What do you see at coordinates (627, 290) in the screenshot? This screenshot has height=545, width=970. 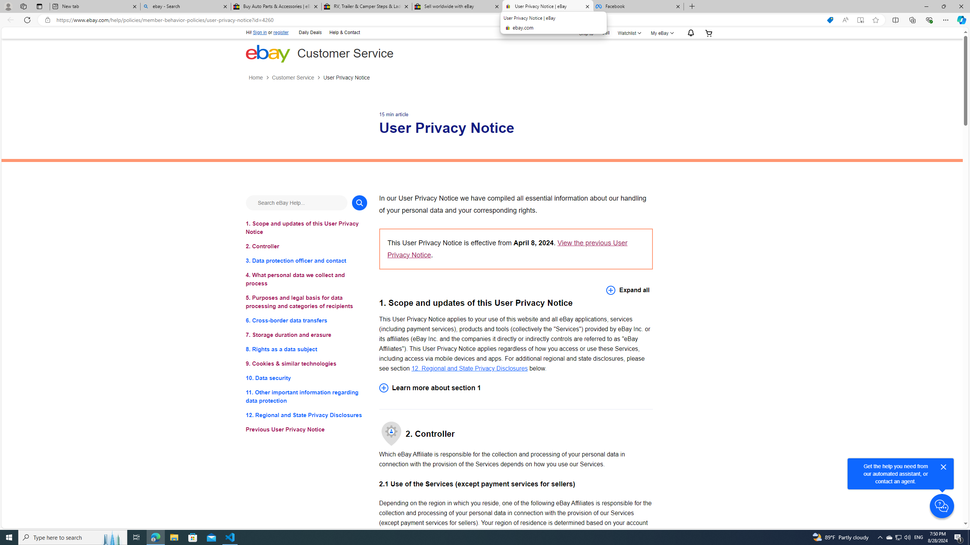 I see `'Expand all'` at bounding box center [627, 290].